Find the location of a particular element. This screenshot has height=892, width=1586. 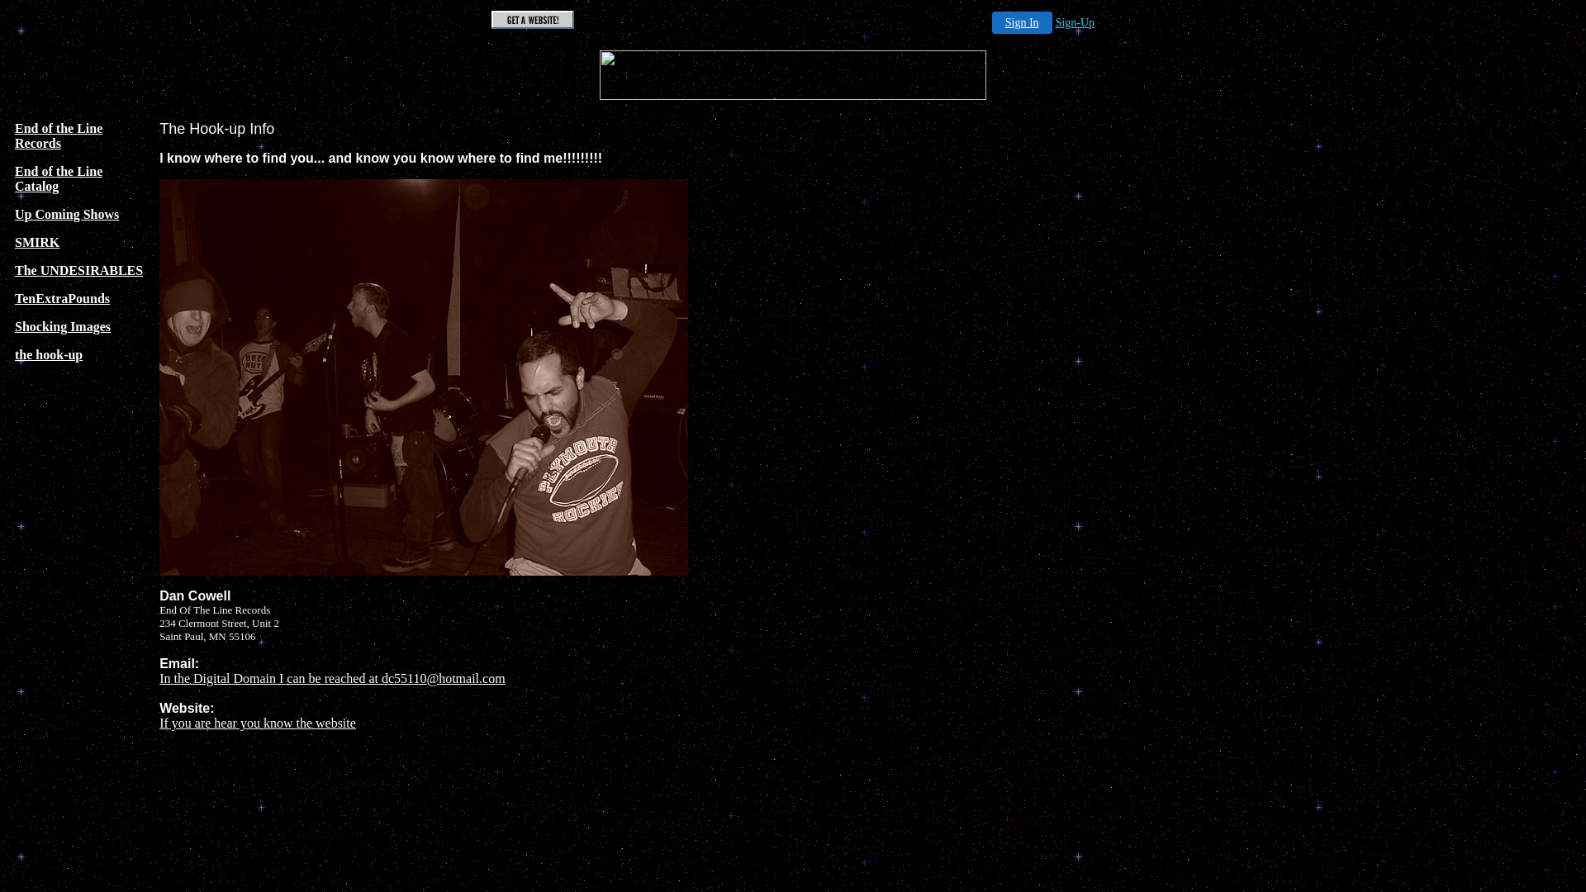

'Shocking Images' is located at coordinates (63, 326).